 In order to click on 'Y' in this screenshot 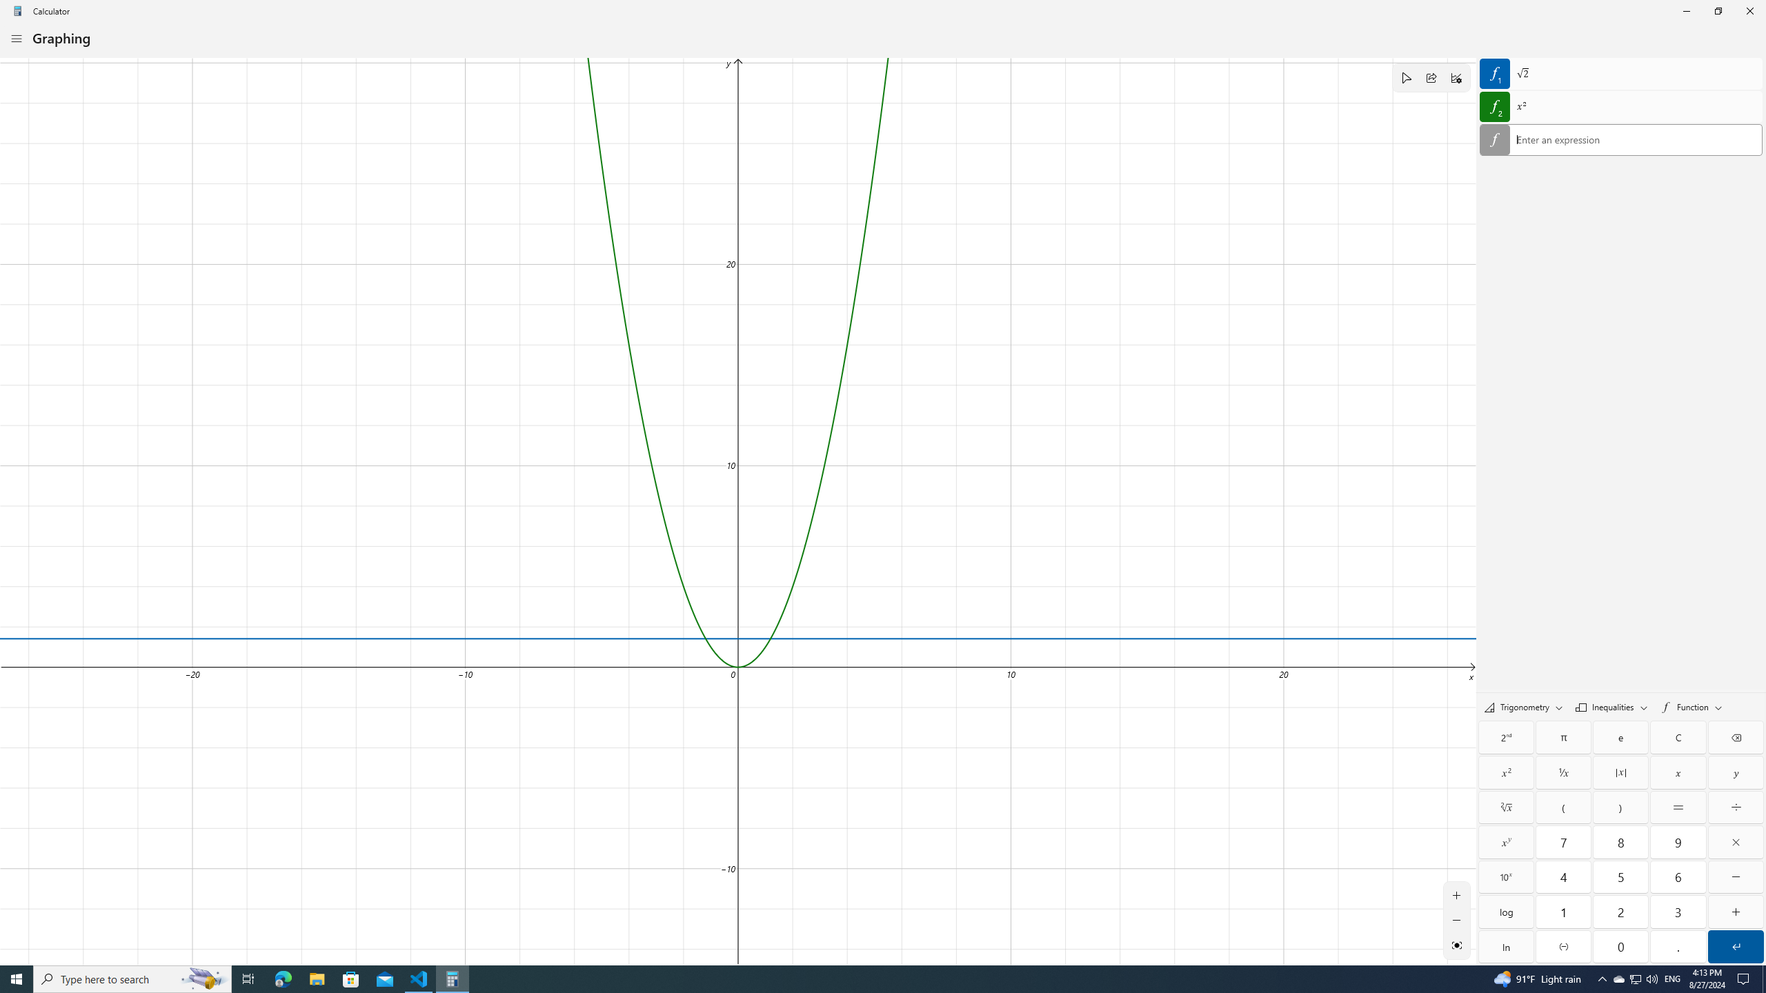, I will do `click(1735, 772)`.